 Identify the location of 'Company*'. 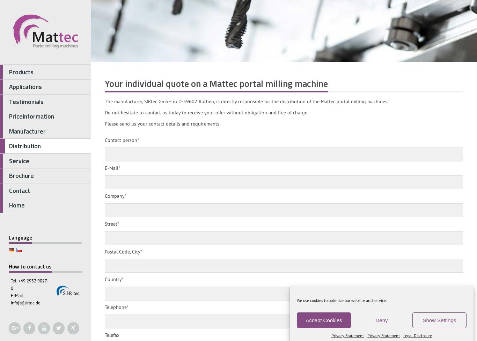
(115, 195).